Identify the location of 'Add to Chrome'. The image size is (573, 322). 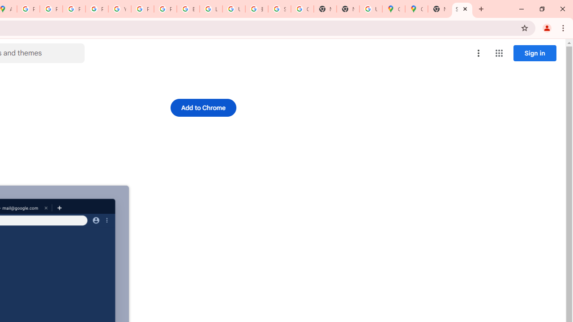
(202, 107).